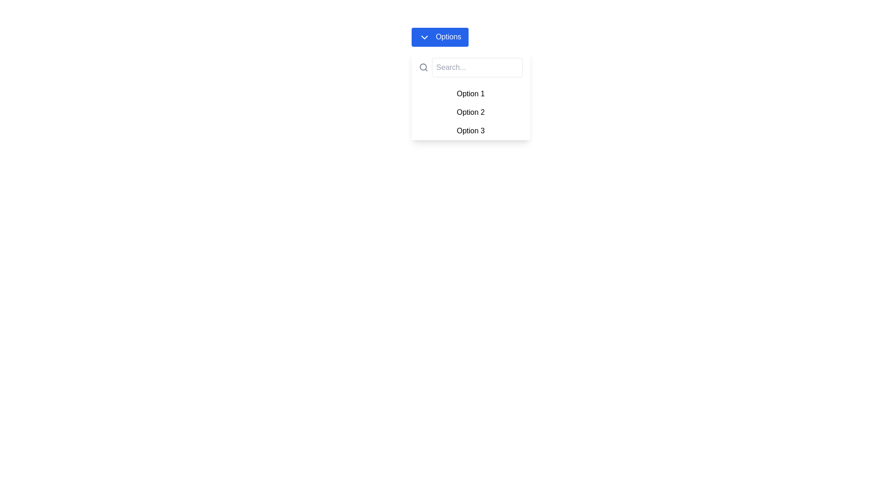 Image resolution: width=889 pixels, height=500 pixels. I want to click on the dropdown menu options list, which contains three text options: 'Option 1', 'Option 2', and 'Option 3' styled with padding and hover effects, located within a white rounded-corner dropdown menu below a search bar and an 'Options' button, so click(470, 112).